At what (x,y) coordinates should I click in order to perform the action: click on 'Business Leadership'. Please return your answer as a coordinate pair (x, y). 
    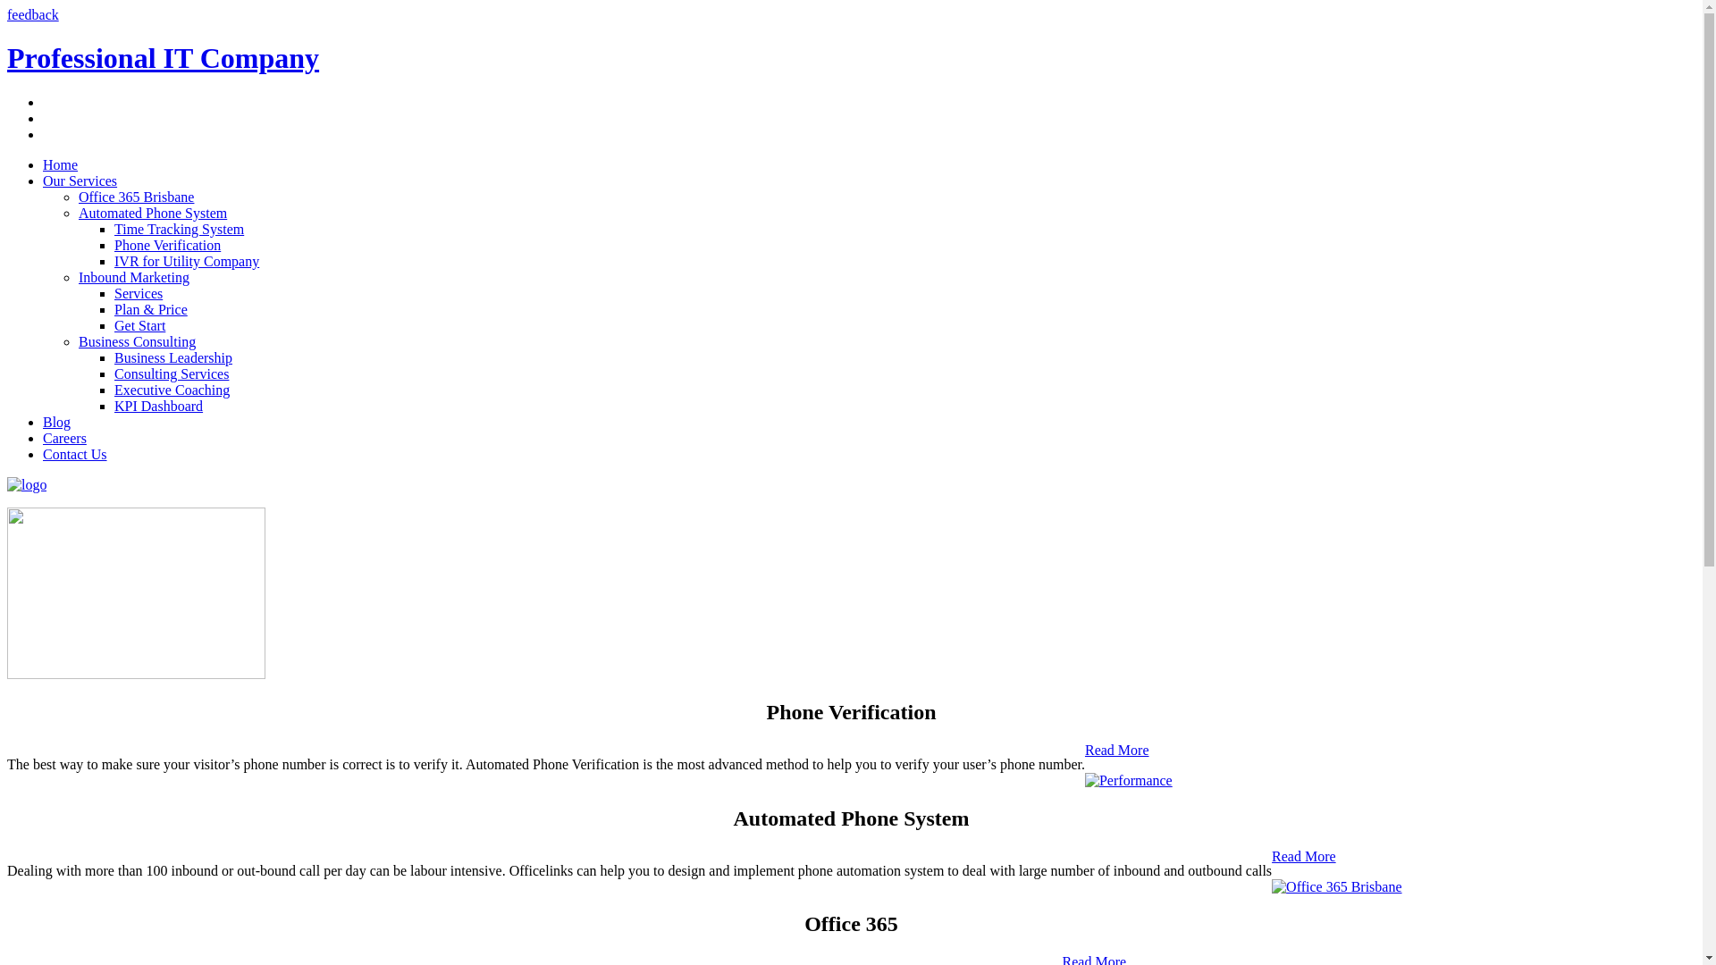
    Looking at the image, I should click on (114, 357).